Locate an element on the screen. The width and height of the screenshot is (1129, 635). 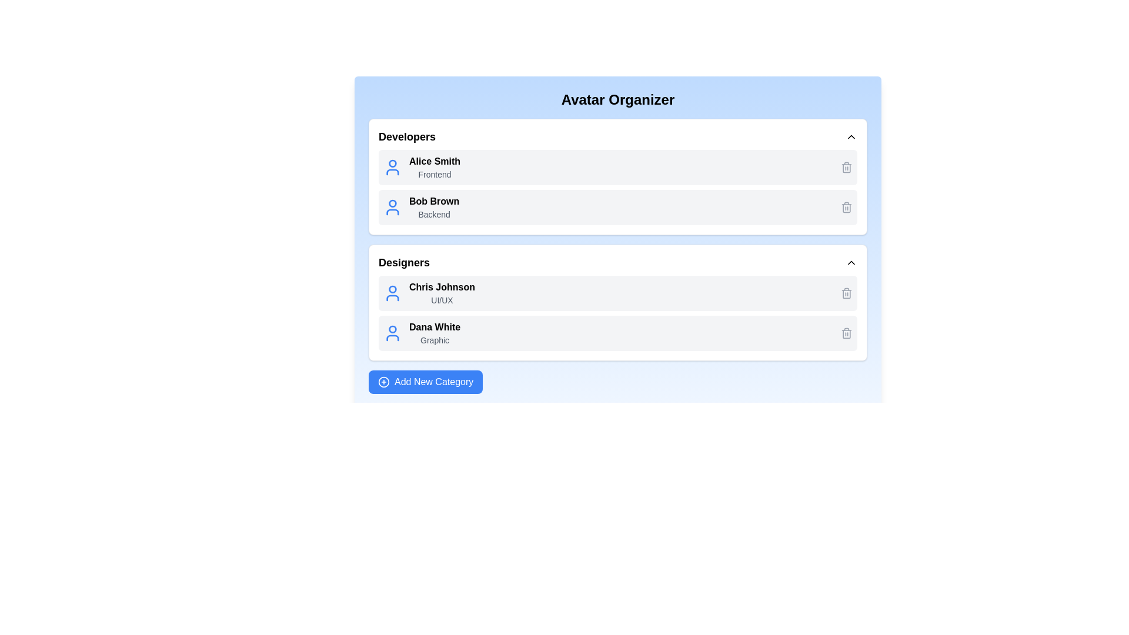
circular head portion of the user icon for 'Bob Brown' located under the 'Developers' header is located at coordinates (392, 203).